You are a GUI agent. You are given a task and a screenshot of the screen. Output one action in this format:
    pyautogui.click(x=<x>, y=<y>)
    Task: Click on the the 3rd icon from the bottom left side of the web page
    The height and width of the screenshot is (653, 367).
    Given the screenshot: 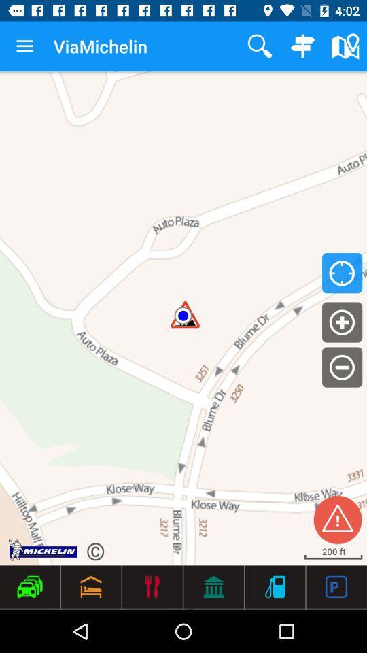 What is the action you would take?
    pyautogui.click(x=152, y=586)
    